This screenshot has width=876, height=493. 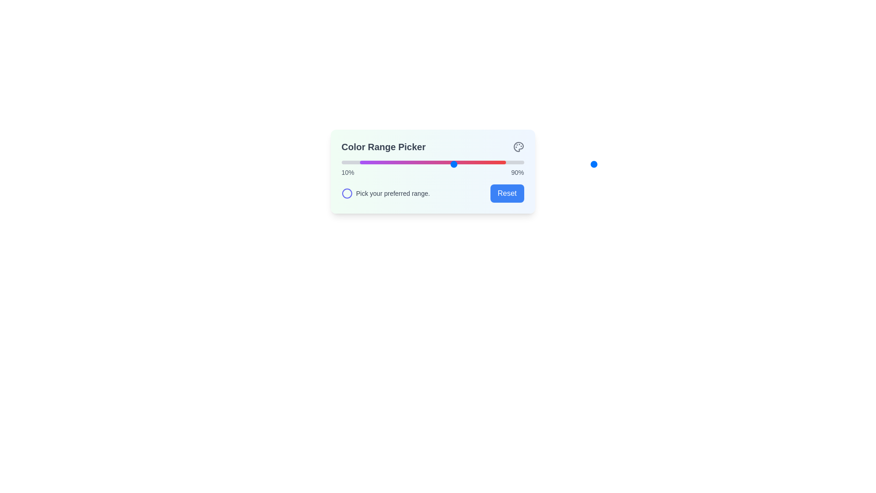 I want to click on the decorative icon located in the bottom-left corner of the 'Color Range Picker' interface, which indicates a selection or focus point for the text 'Pick your preferred range.', so click(x=346, y=193).